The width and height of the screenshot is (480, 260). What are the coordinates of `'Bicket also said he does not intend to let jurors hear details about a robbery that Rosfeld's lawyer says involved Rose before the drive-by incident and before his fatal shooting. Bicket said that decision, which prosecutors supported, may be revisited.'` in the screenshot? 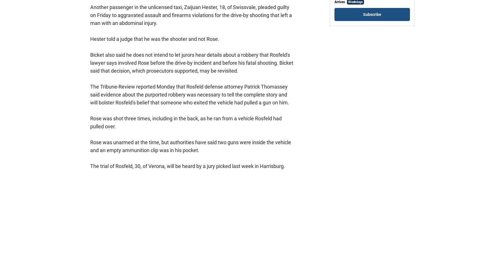 It's located at (191, 62).